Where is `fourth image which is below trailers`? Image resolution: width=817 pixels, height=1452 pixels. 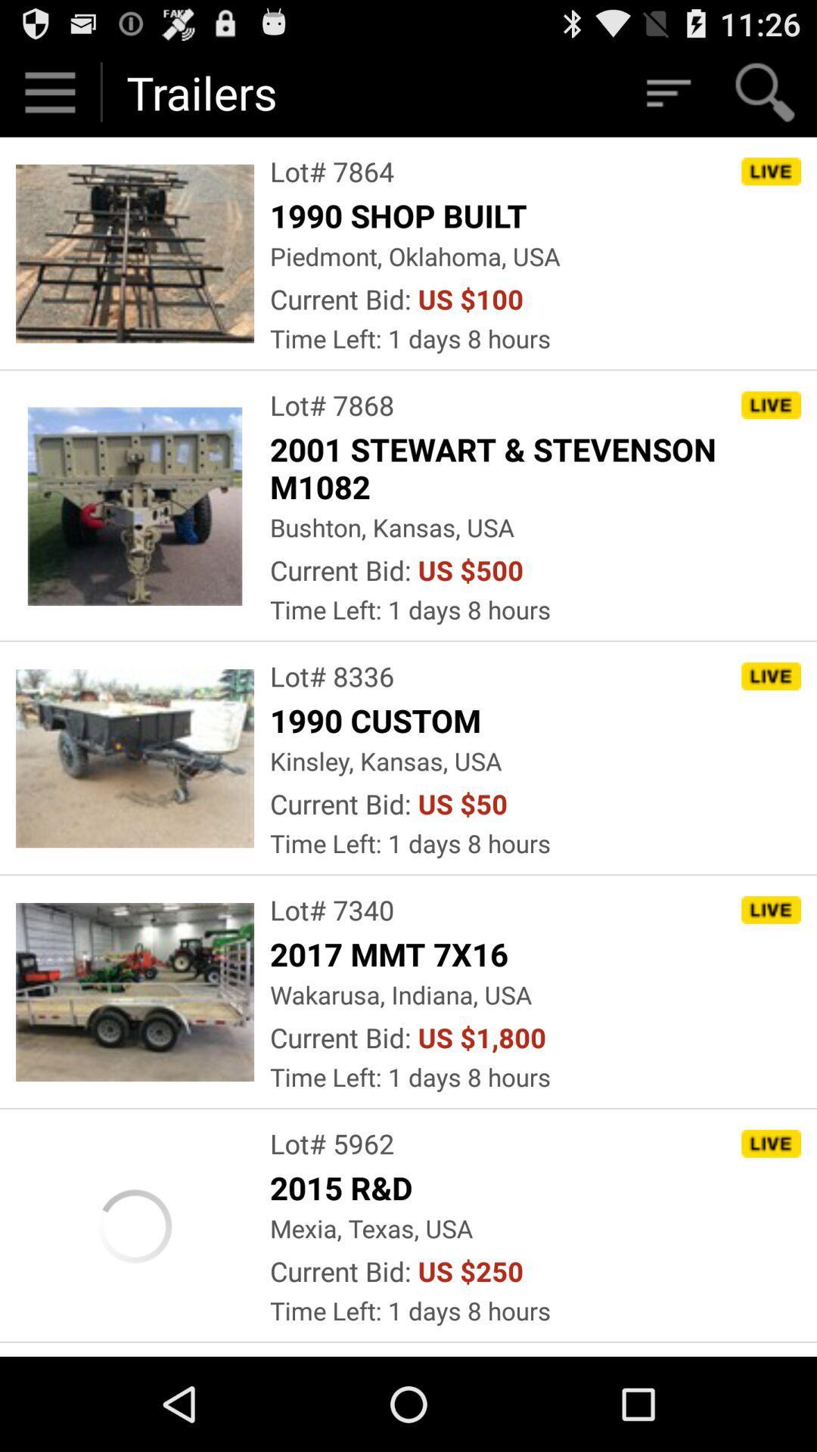
fourth image which is below trailers is located at coordinates (134, 992).